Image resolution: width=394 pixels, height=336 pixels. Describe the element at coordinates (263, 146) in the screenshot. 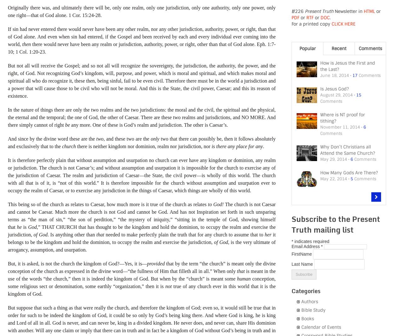

I see `'.'` at that location.